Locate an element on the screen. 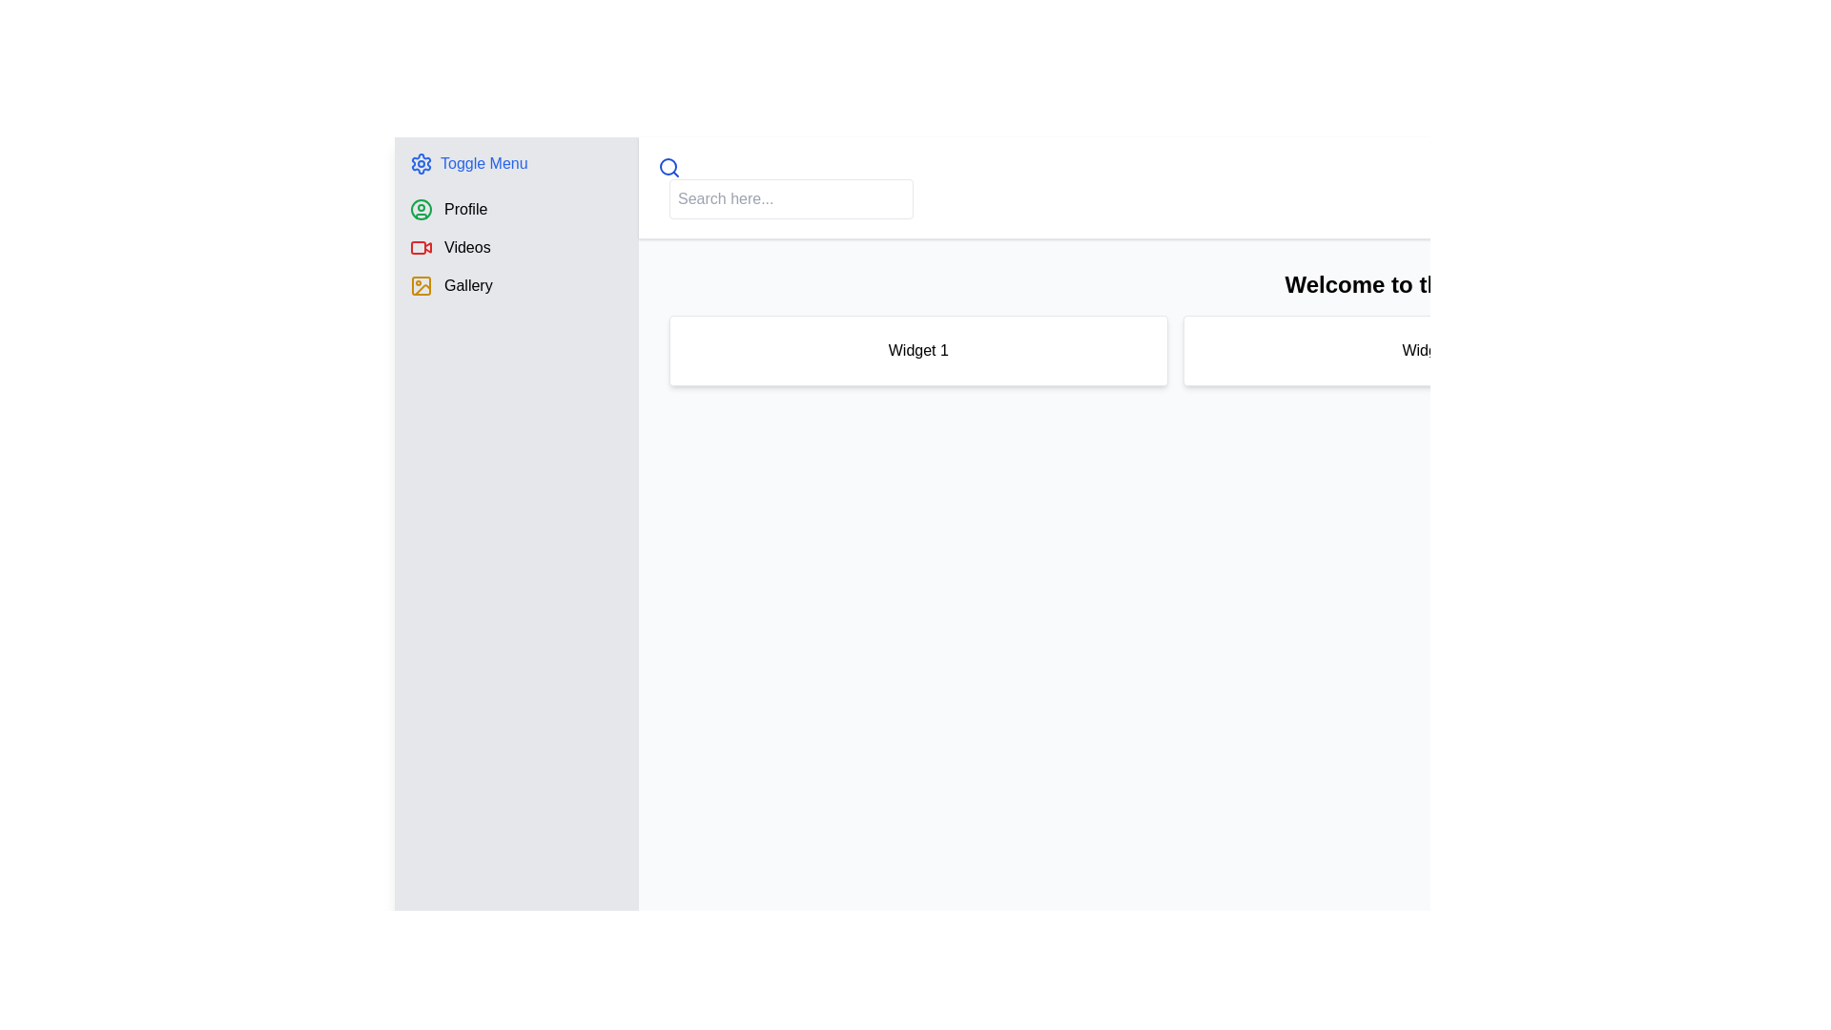 The image size is (1831, 1030). the cogwheel-shaped icon in the left-side navigation panel is located at coordinates (420, 163).